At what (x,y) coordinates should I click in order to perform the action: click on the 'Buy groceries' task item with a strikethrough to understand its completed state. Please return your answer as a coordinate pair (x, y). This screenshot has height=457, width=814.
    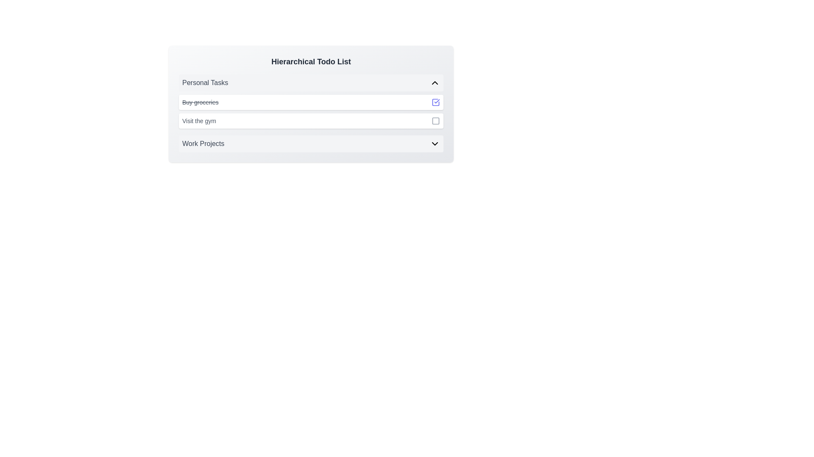
    Looking at the image, I should click on (311, 102).